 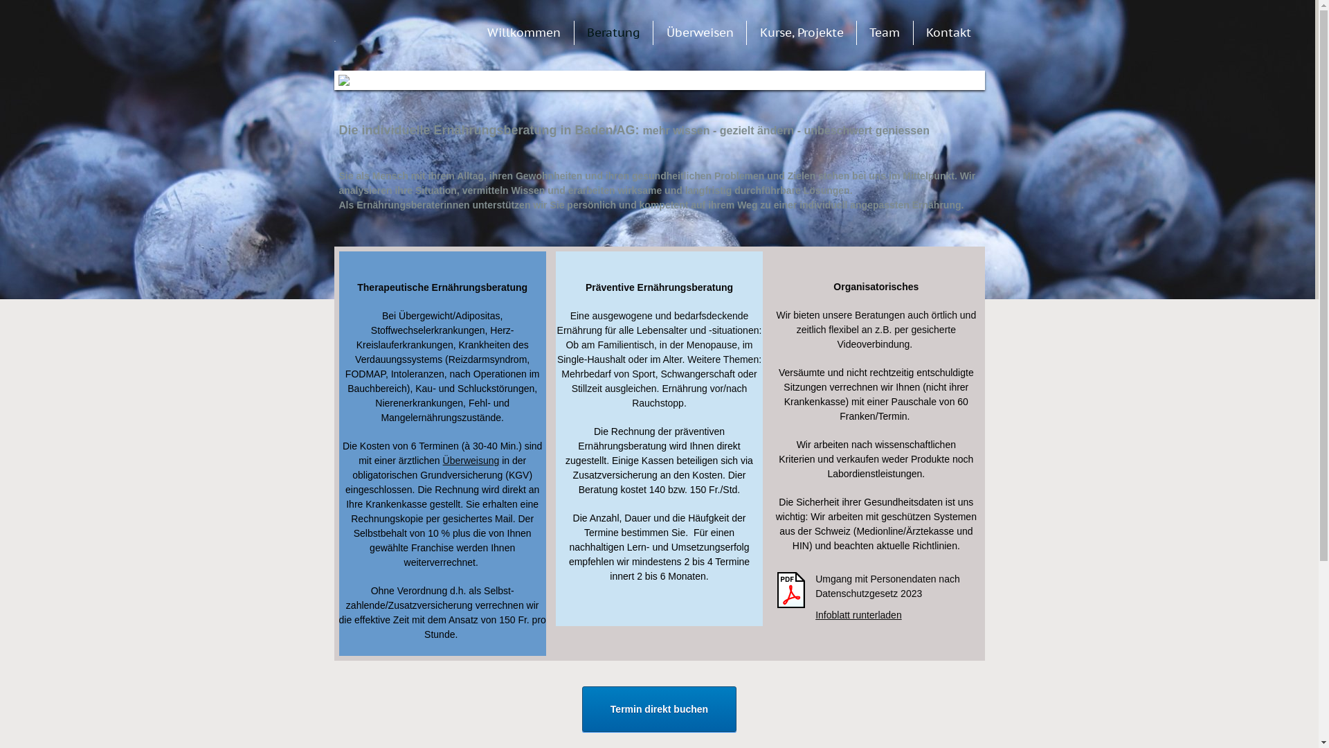 I want to click on 'Willkommen', so click(x=523, y=31).